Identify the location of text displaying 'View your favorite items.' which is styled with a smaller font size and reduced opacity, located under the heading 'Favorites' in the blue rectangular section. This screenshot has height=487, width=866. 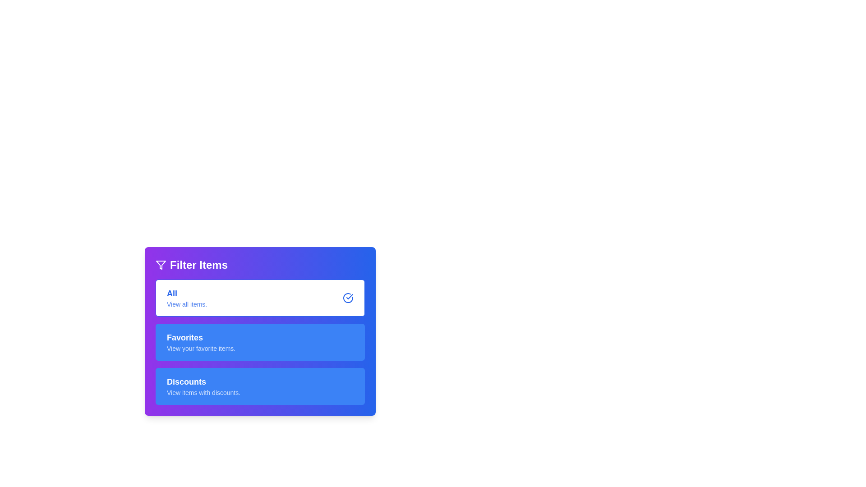
(201, 348).